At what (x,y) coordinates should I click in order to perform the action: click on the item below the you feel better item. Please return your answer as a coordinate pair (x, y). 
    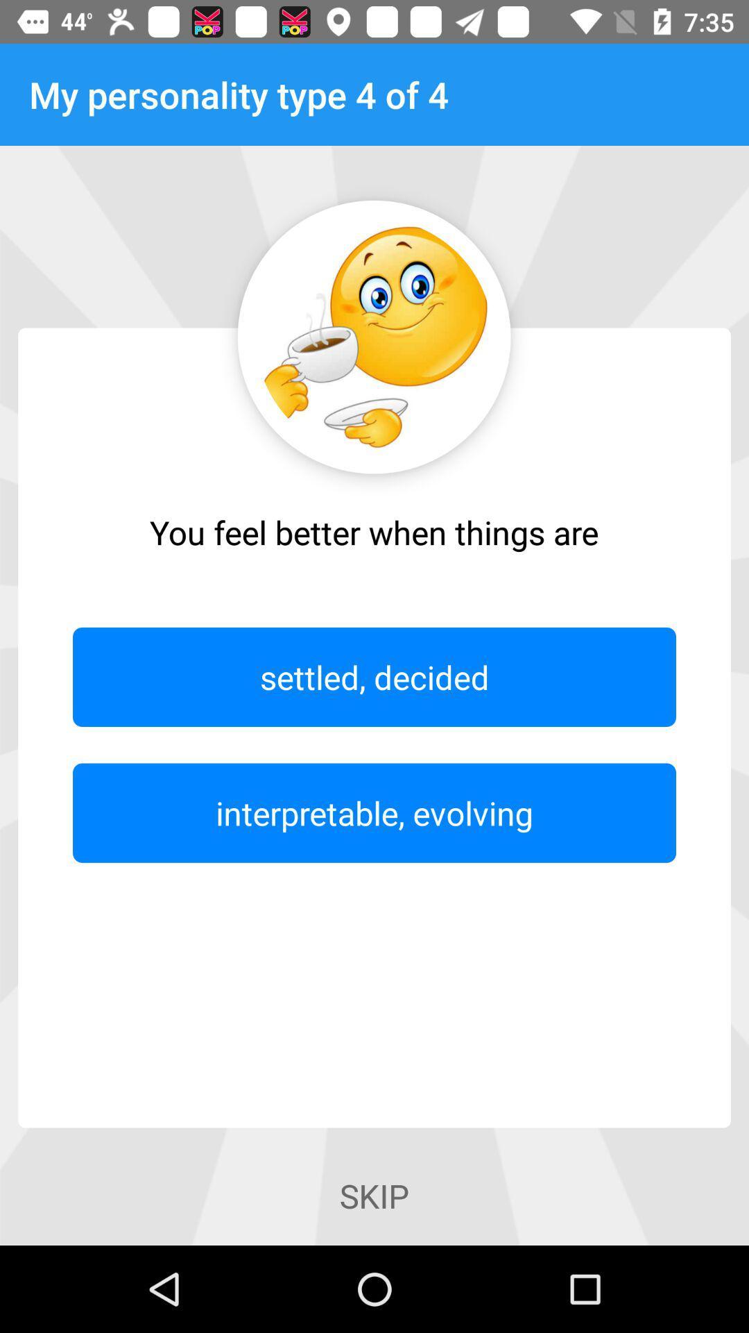
    Looking at the image, I should click on (374, 677).